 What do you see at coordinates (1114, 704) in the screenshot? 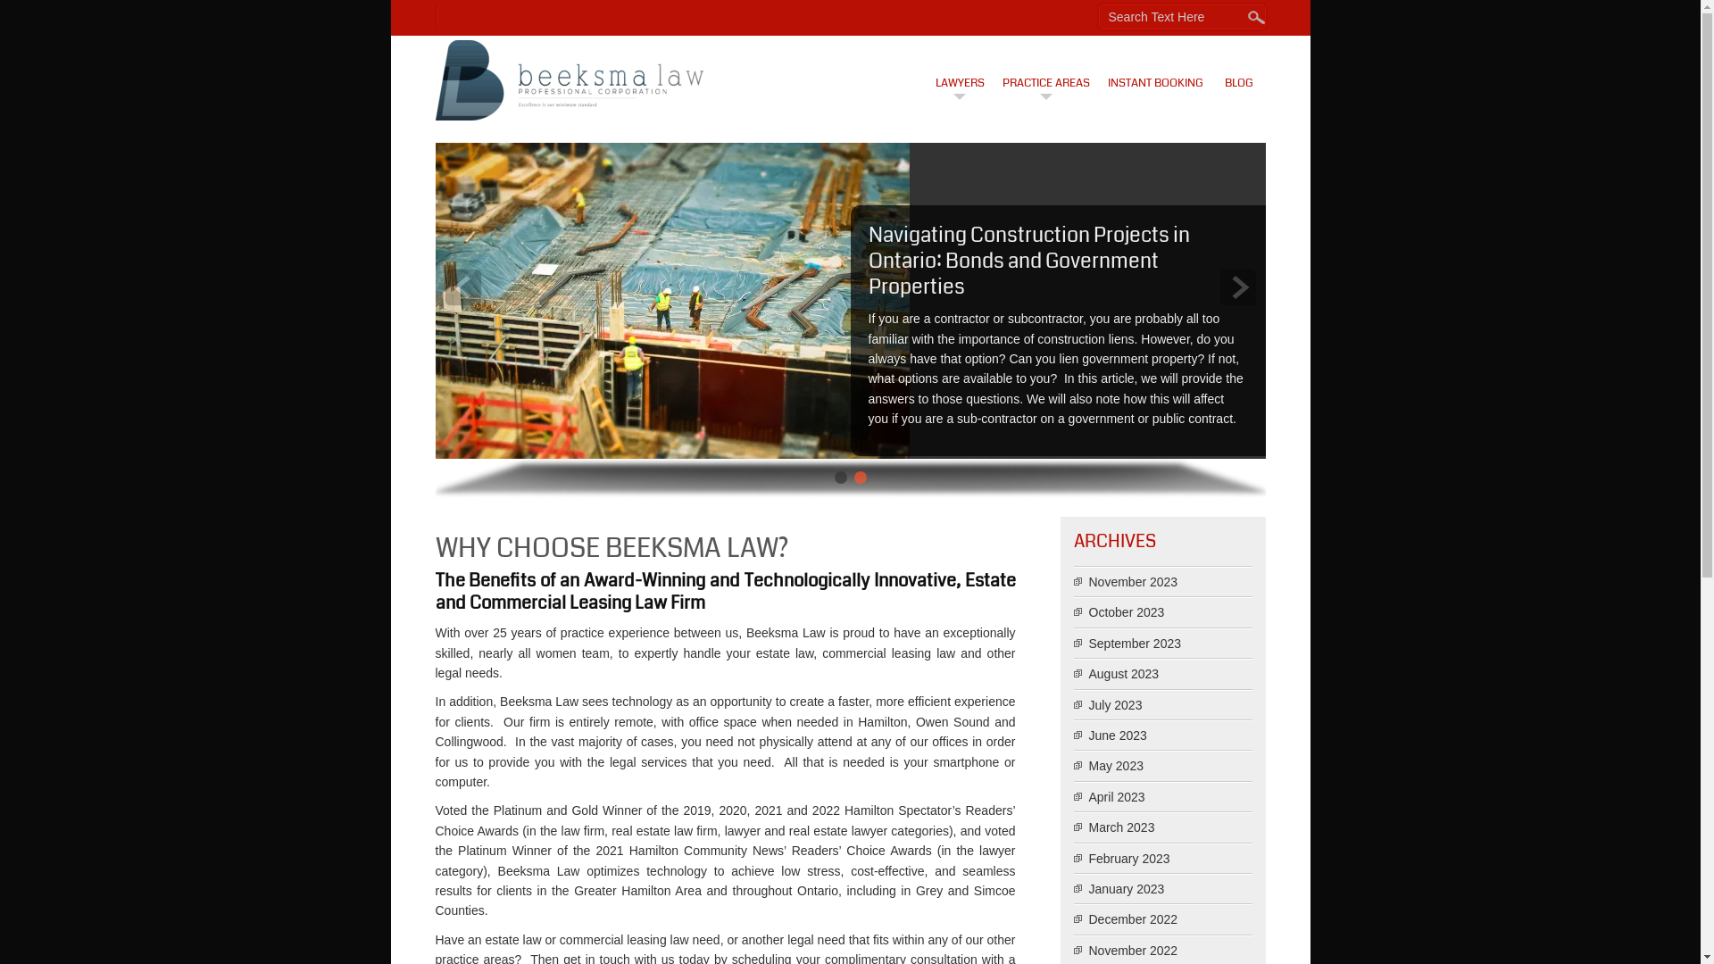
I see `'July 2023'` at bounding box center [1114, 704].